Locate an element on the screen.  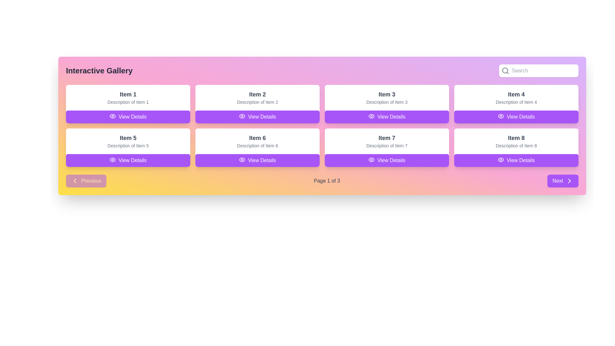
the bolded text label 'Item 5' located in the first column of the second row in the grid layout is located at coordinates (128, 138).